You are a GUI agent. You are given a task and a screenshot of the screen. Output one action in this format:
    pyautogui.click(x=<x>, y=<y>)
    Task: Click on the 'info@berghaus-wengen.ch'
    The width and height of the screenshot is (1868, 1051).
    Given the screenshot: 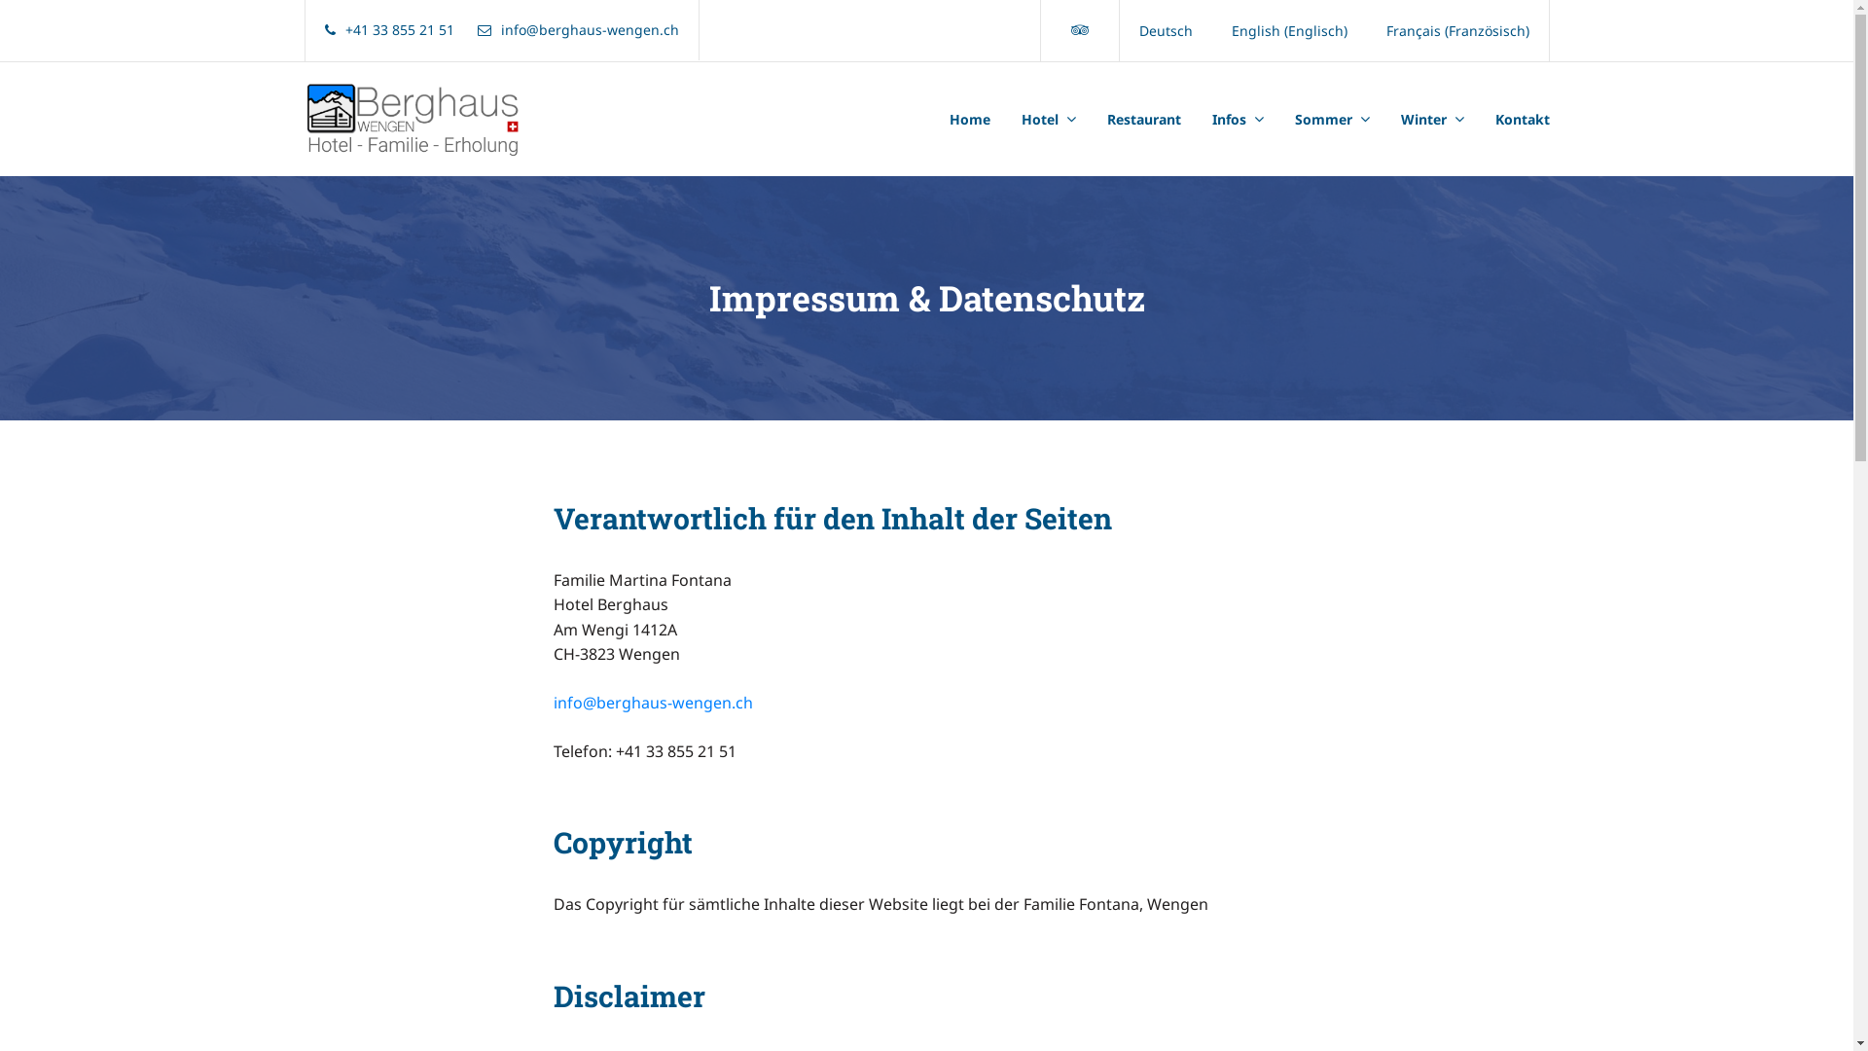 What is the action you would take?
    pyautogui.click(x=652, y=702)
    